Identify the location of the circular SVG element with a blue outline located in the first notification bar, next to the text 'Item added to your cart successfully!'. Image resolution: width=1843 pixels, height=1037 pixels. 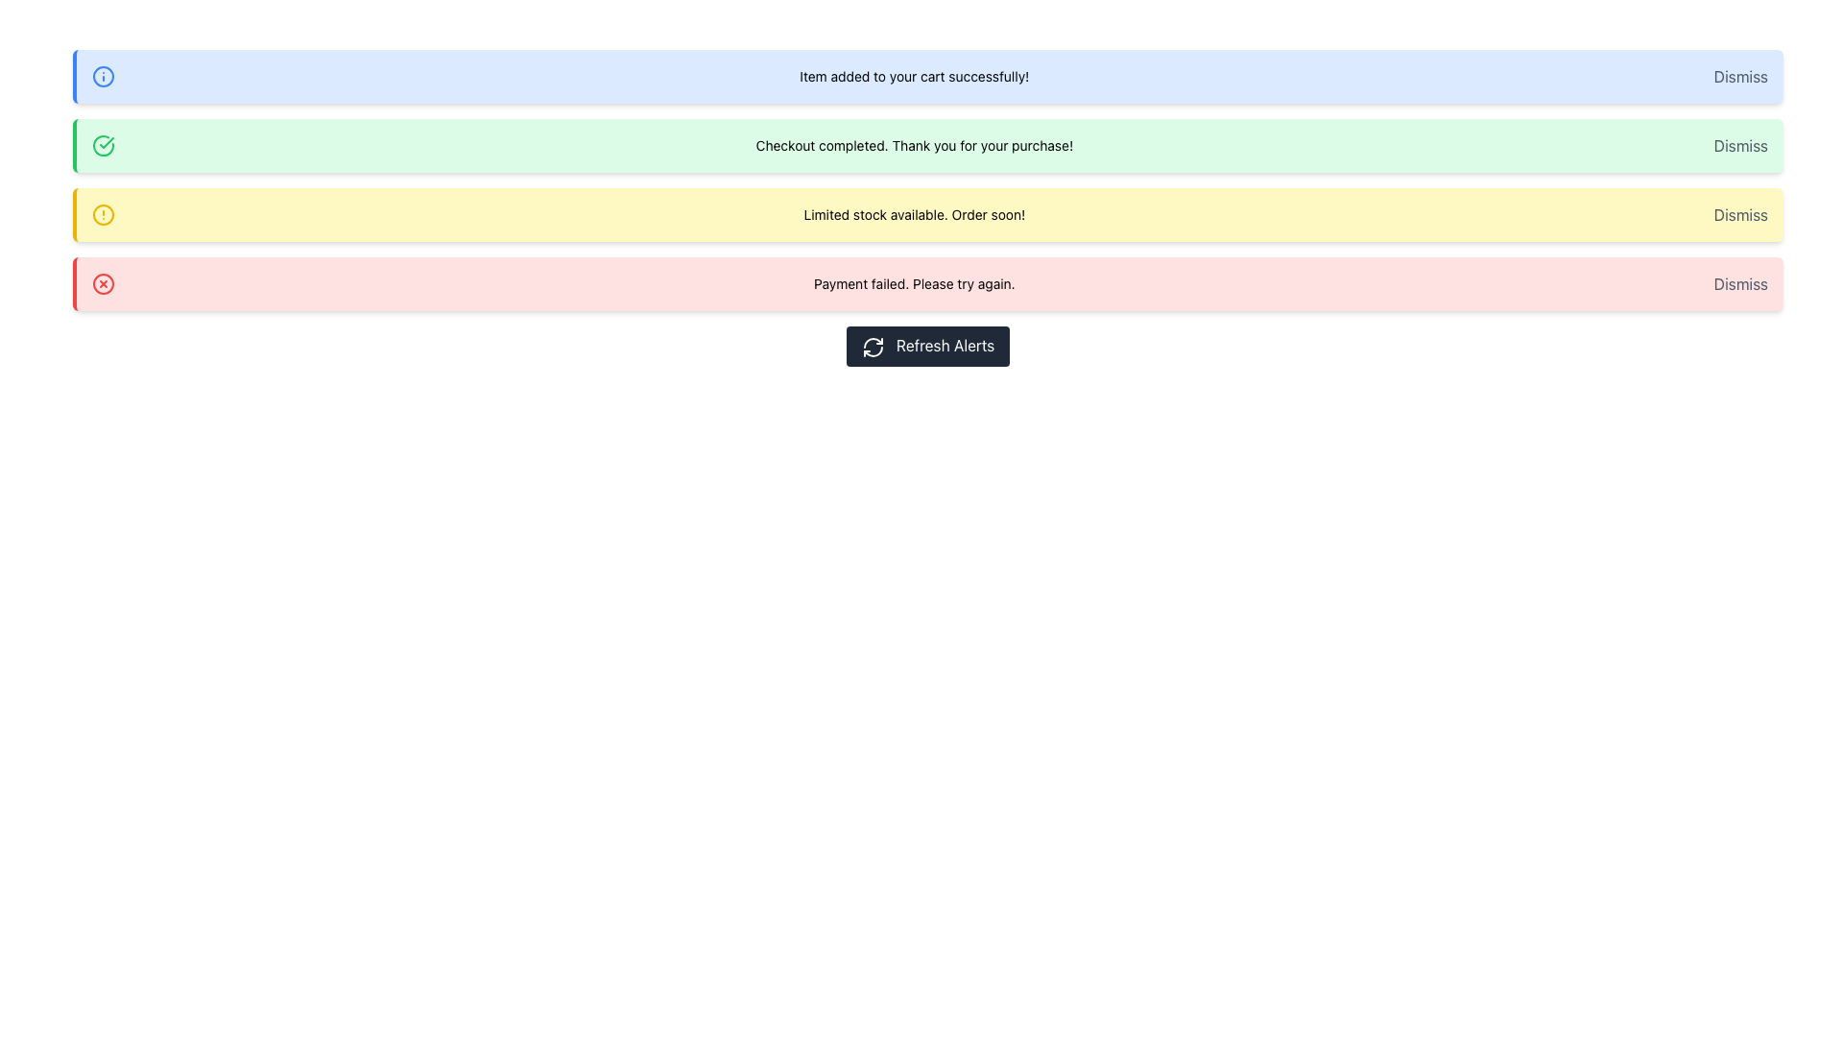
(103, 76).